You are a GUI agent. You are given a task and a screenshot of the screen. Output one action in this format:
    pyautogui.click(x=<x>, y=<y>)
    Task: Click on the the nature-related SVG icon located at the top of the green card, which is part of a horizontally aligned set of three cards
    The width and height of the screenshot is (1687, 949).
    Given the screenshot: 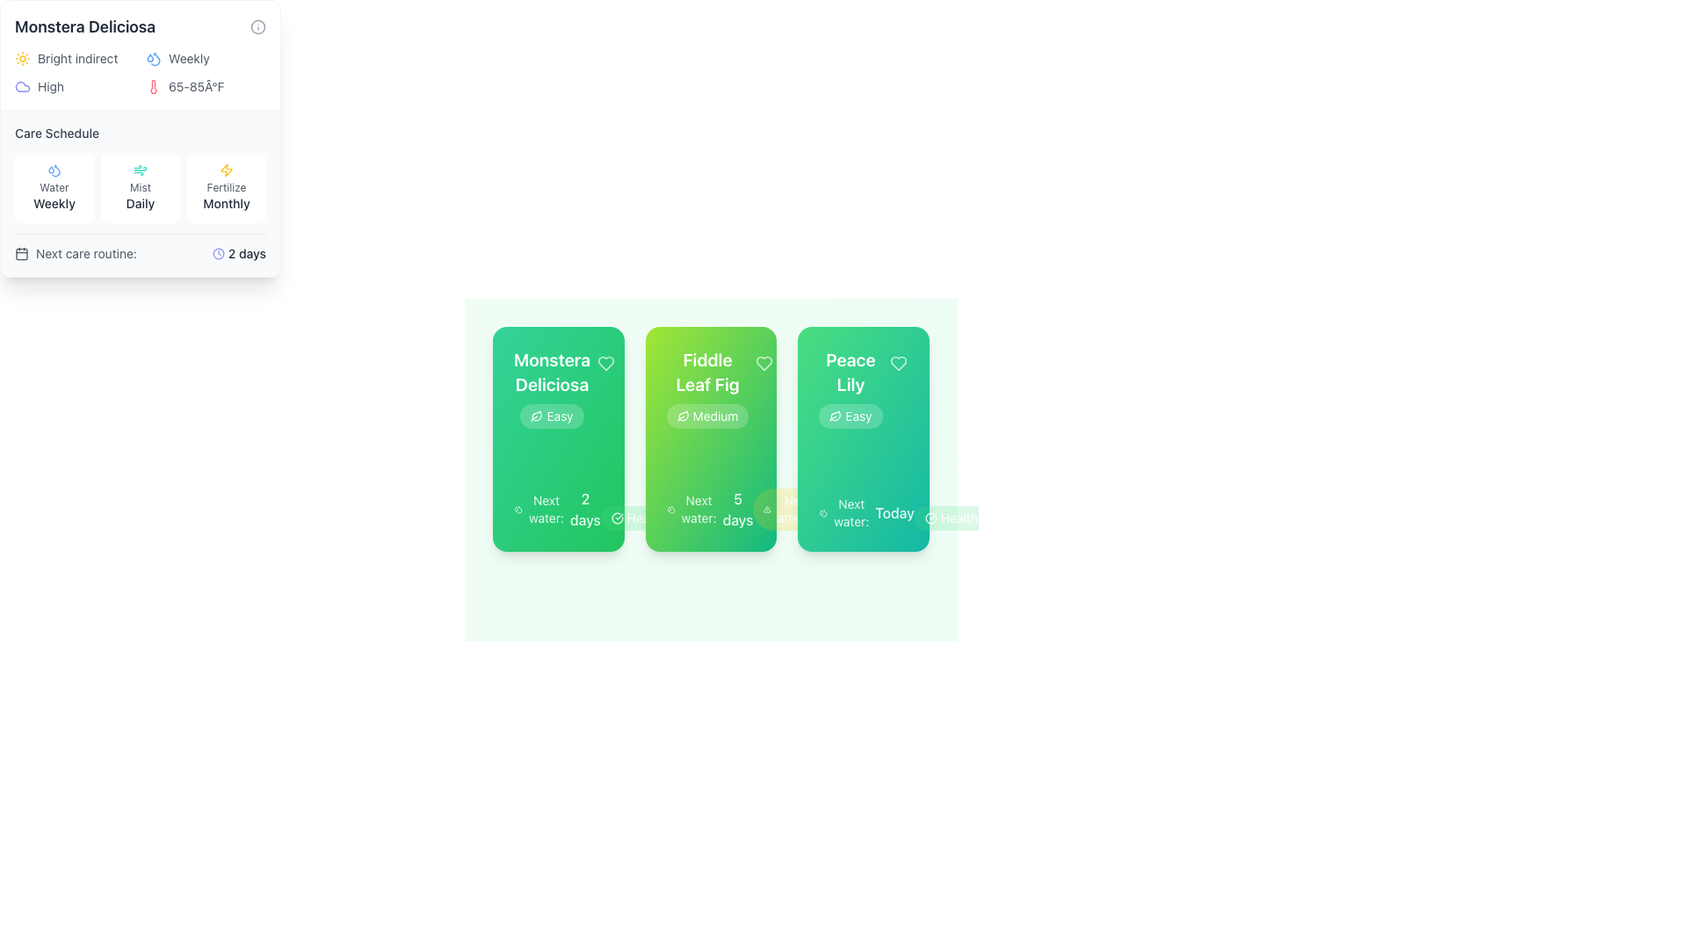 What is the action you would take?
    pyautogui.click(x=682, y=416)
    